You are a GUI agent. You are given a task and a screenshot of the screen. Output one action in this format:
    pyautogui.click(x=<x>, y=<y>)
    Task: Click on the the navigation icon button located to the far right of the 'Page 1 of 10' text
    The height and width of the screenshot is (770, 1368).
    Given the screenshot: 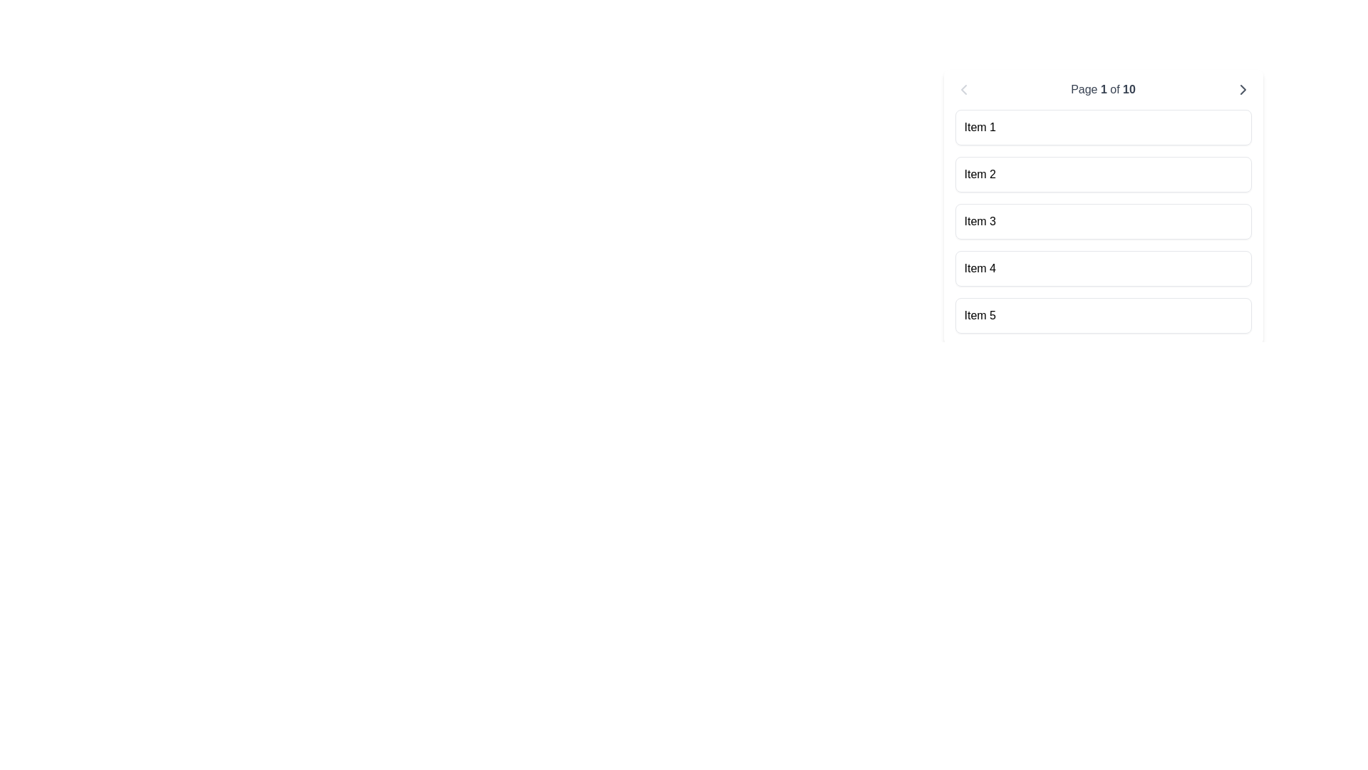 What is the action you would take?
    pyautogui.click(x=1242, y=90)
    